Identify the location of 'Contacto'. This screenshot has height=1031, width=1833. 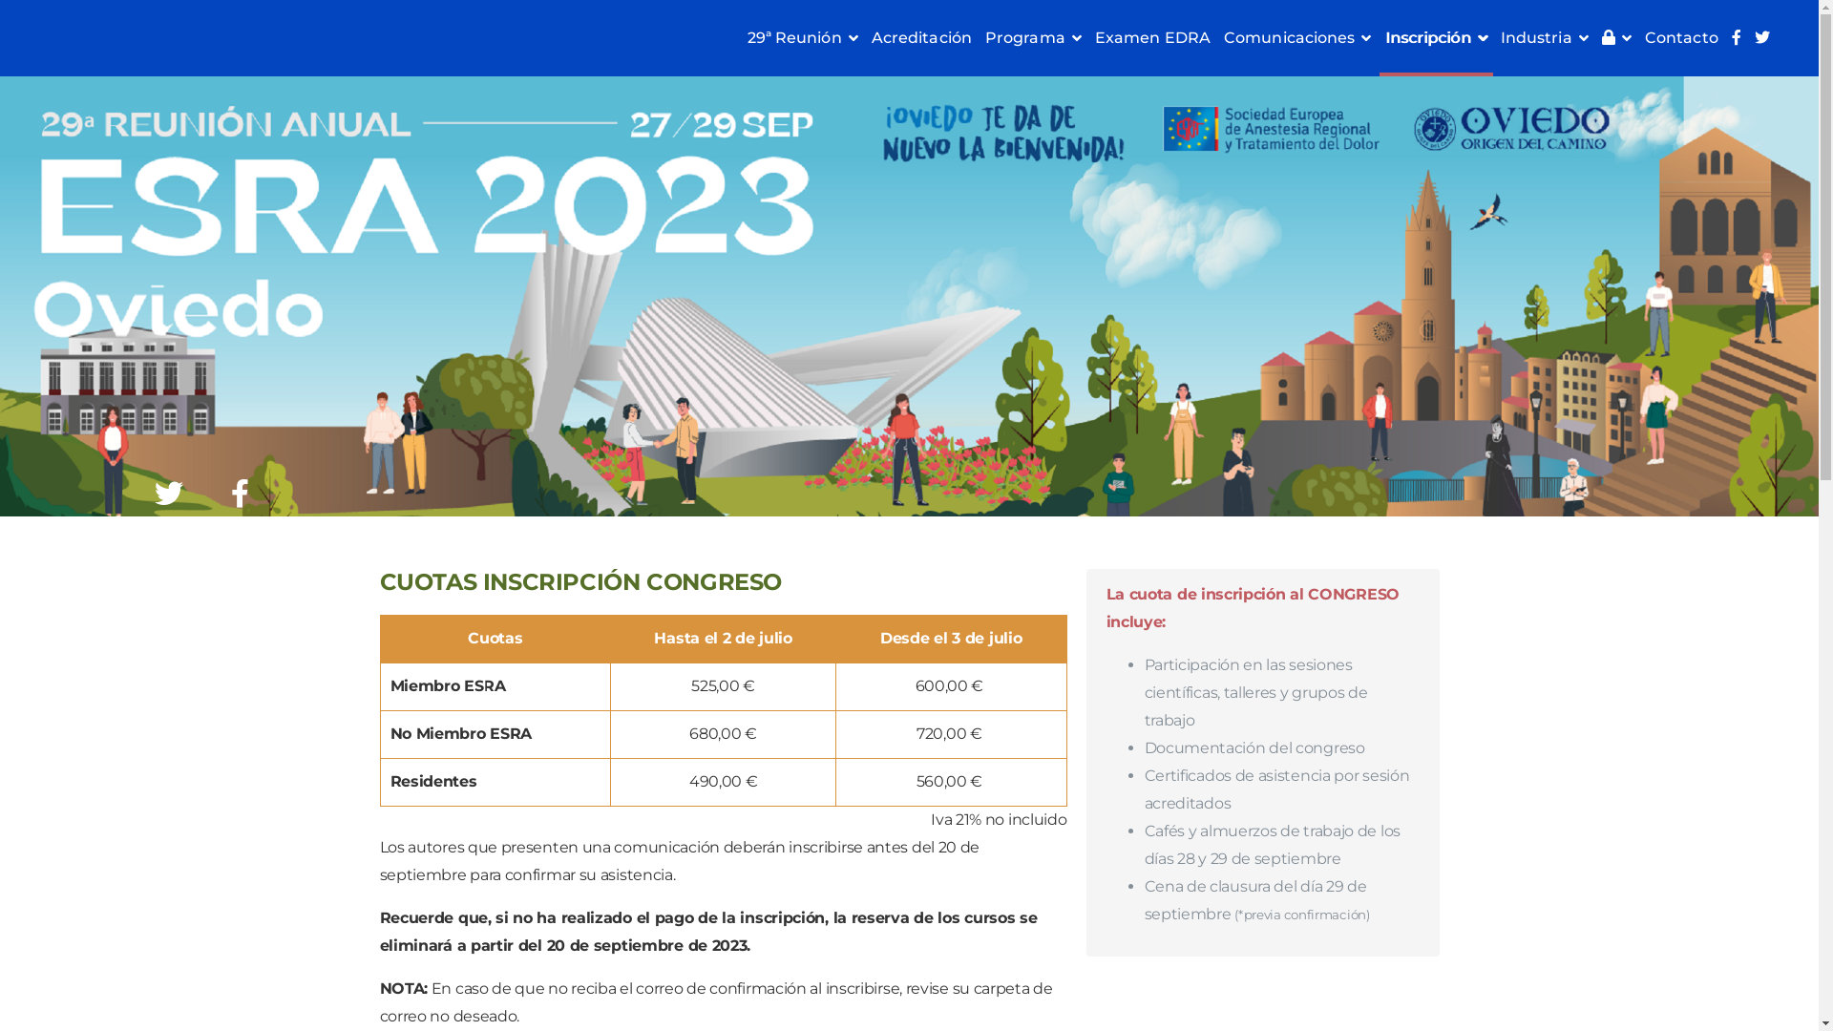
(1681, 37).